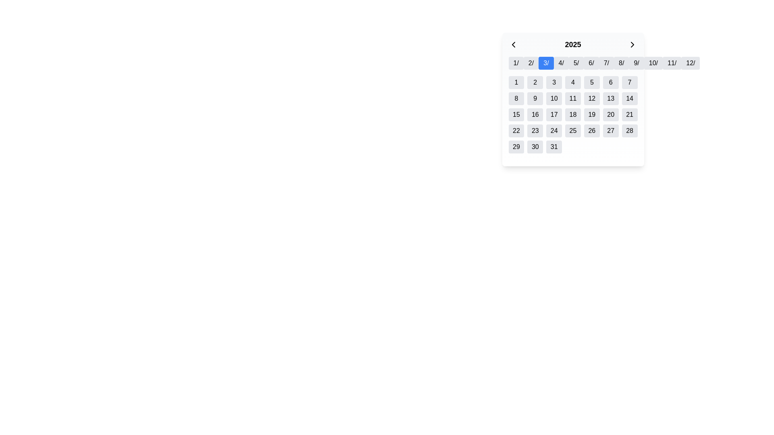 The image size is (774, 435). What do you see at coordinates (591, 63) in the screenshot?
I see `the button` at bounding box center [591, 63].